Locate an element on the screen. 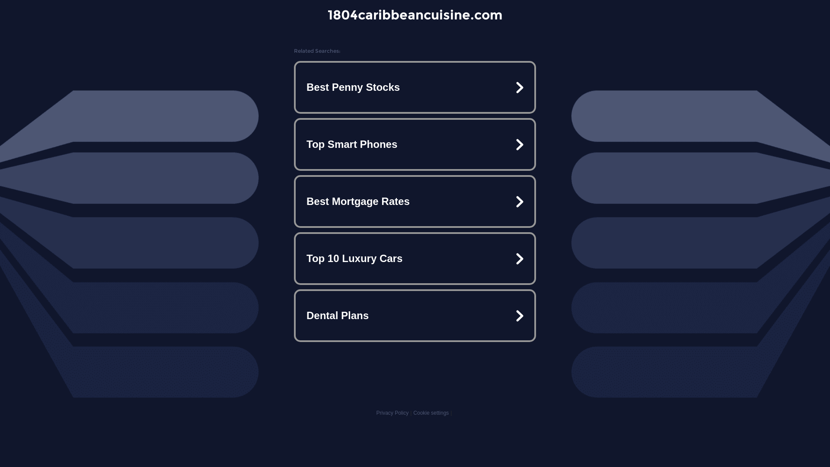  'Top Smart Phones' is located at coordinates (415, 144).